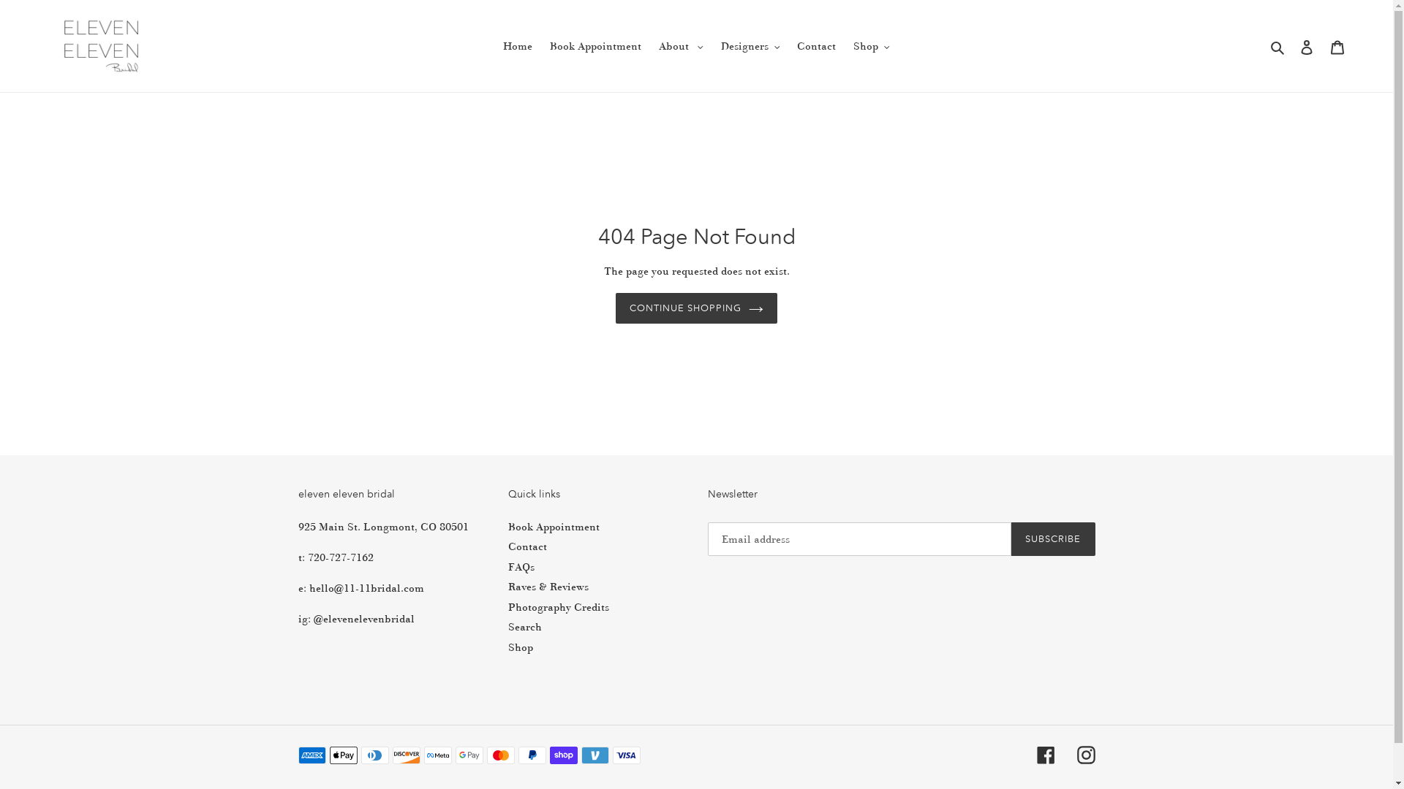  What do you see at coordinates (871, 45) in the screenshot?
I see `'Shop'` at bounding box center [871, 45].